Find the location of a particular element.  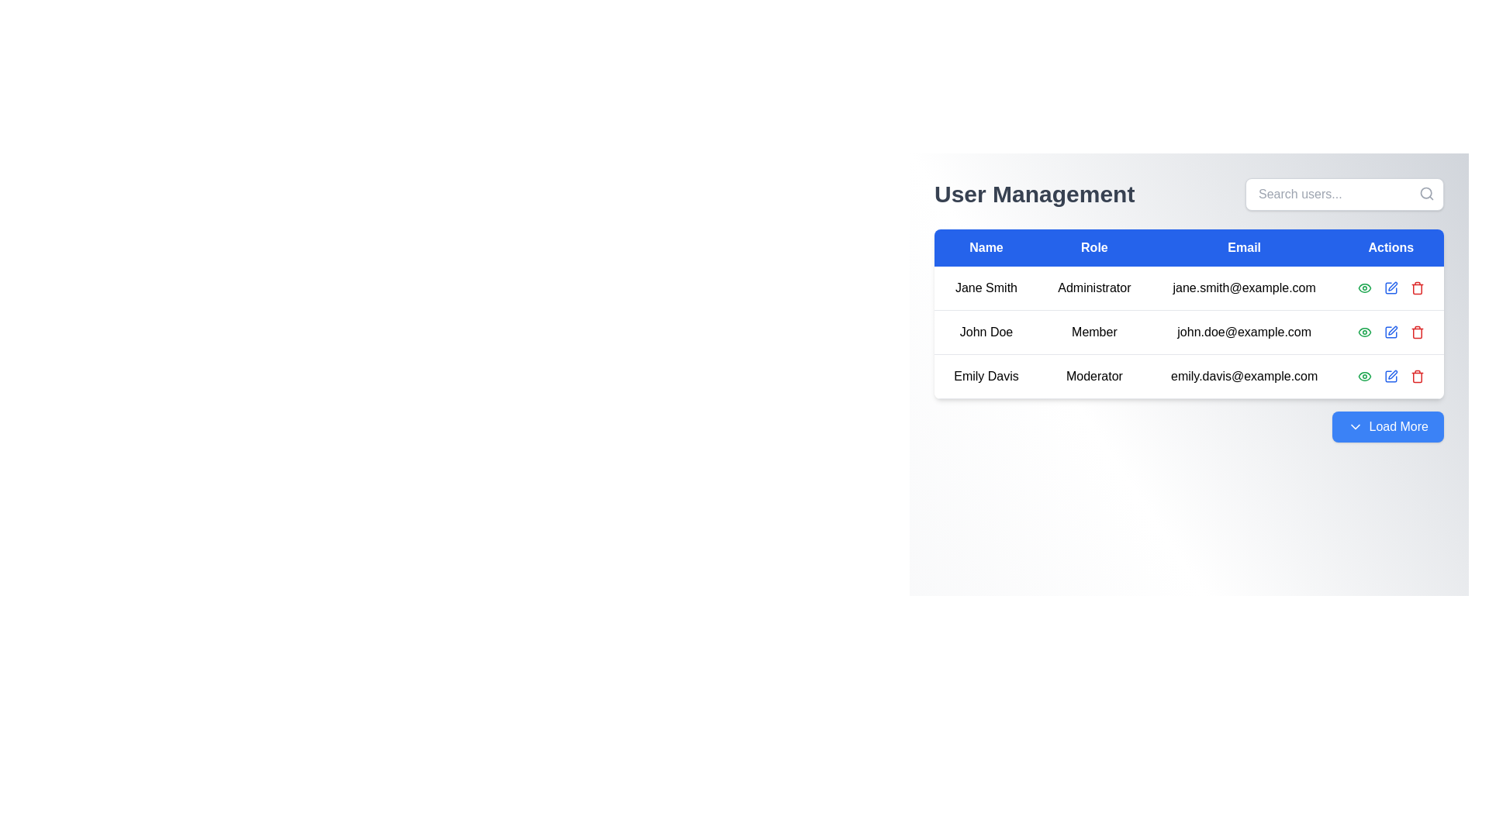

the 'Load More' button, which is a vibrant blue rectangular button with rounded corners and contains the text 'Load More' in white along with a downward arrow icon to its left is located at coordinates (1387, 427).